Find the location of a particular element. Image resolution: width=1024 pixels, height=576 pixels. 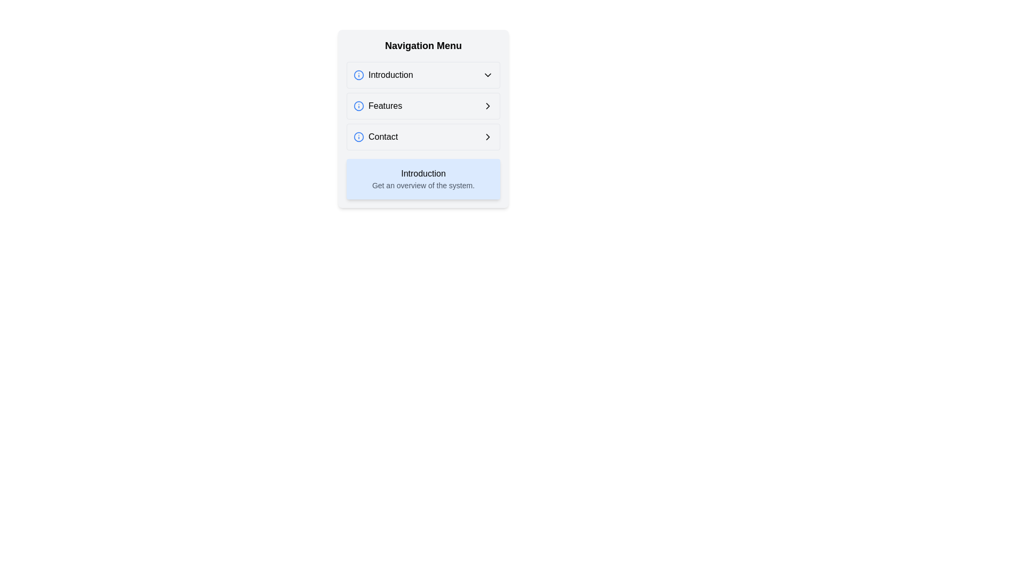

the chevron right icon located to the right of the 'Features' menu item is located at coordinates (487, 106).